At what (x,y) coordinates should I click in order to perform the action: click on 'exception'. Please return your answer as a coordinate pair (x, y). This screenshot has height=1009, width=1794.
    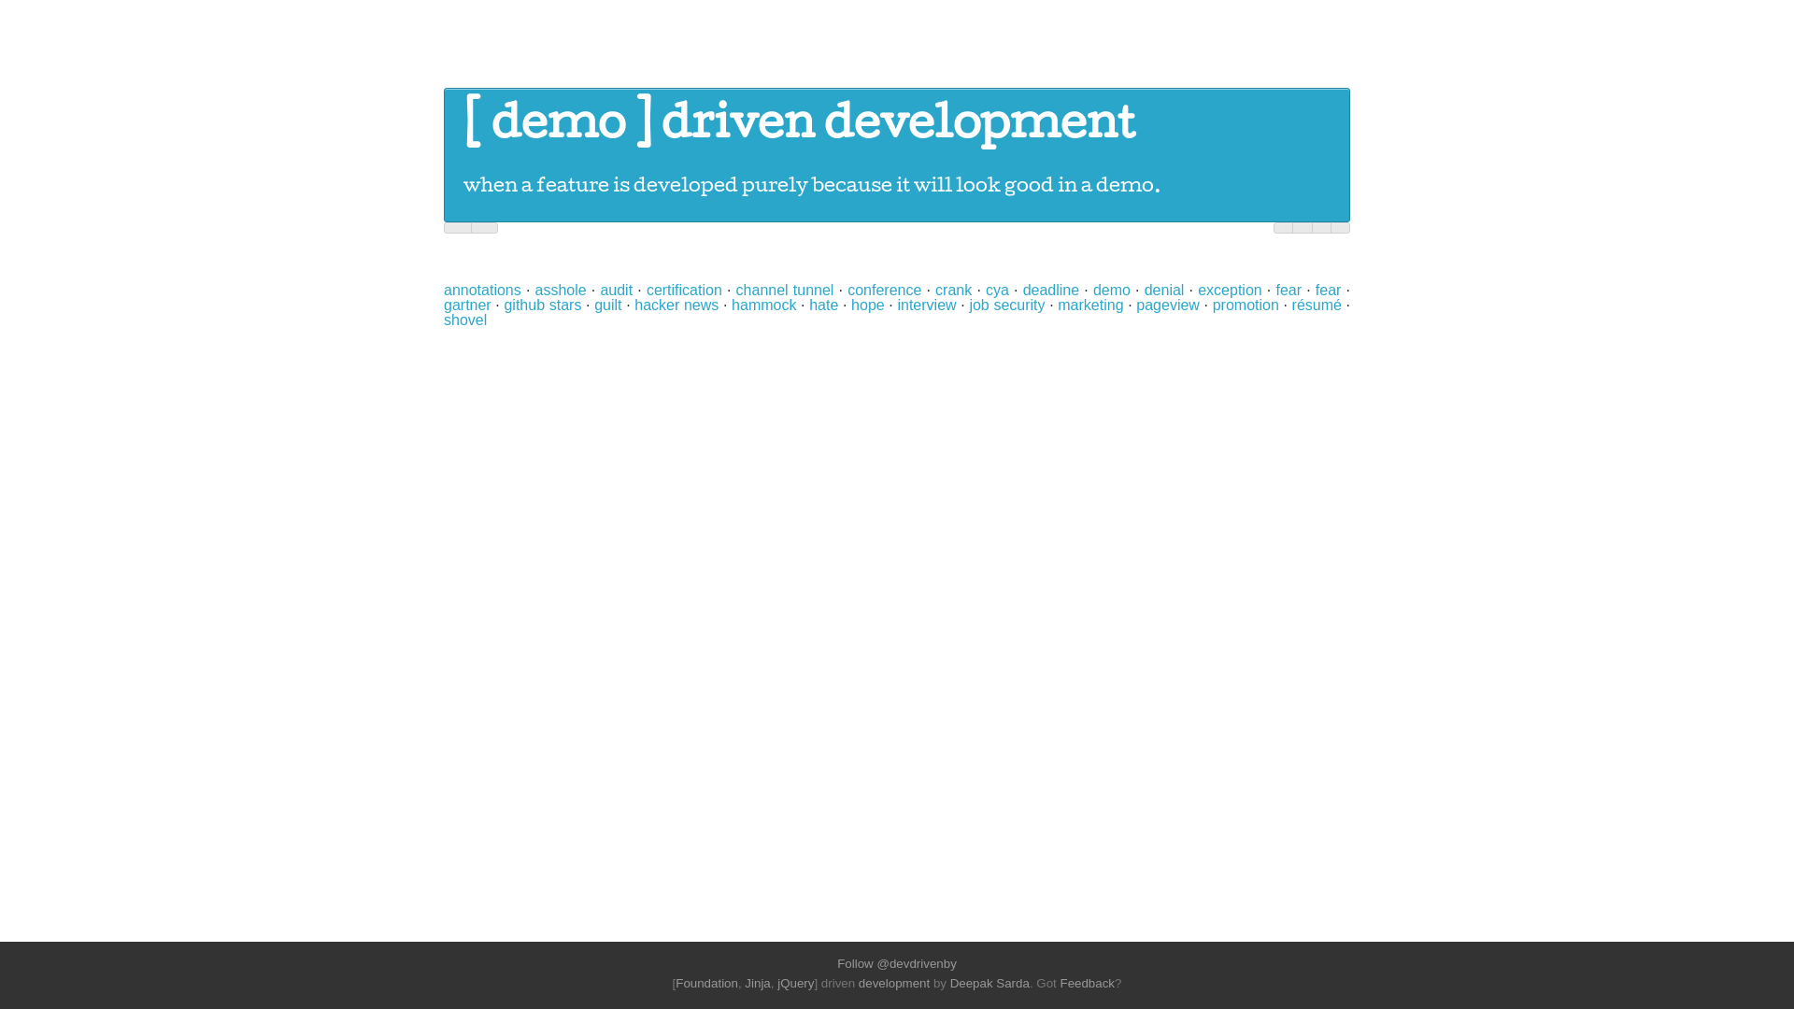
    Looking at the image, I should click on (1230, 290).